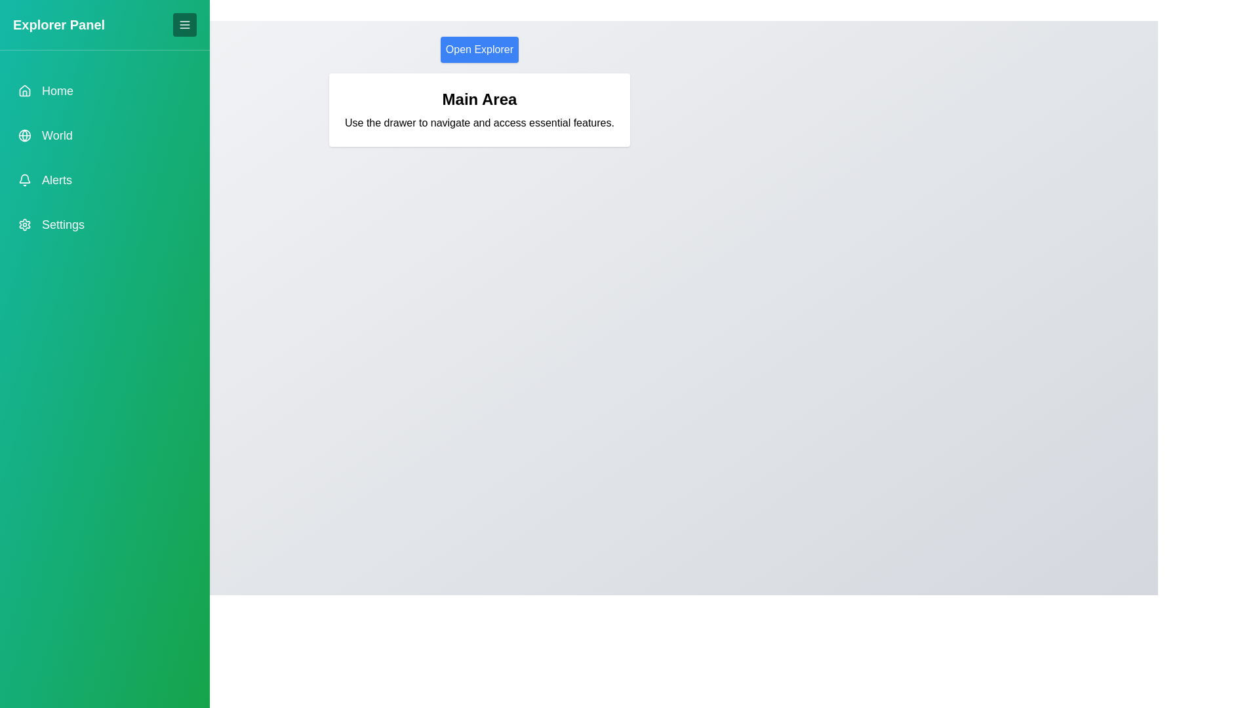 The width and height of the screenshot is (1259, 708). Describe the element at coordinates (104, 224) in the screenshot. I see `the menu item Settings in the drawer to navigate to the corresponding section` at that location.